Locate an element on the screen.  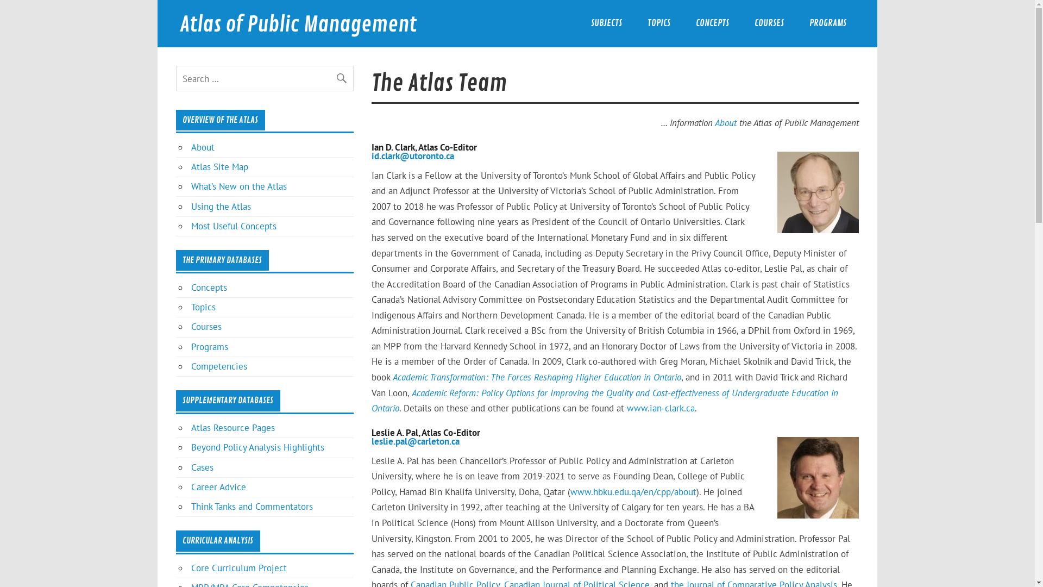
'Concepts' is located at coordinates (209, 286).